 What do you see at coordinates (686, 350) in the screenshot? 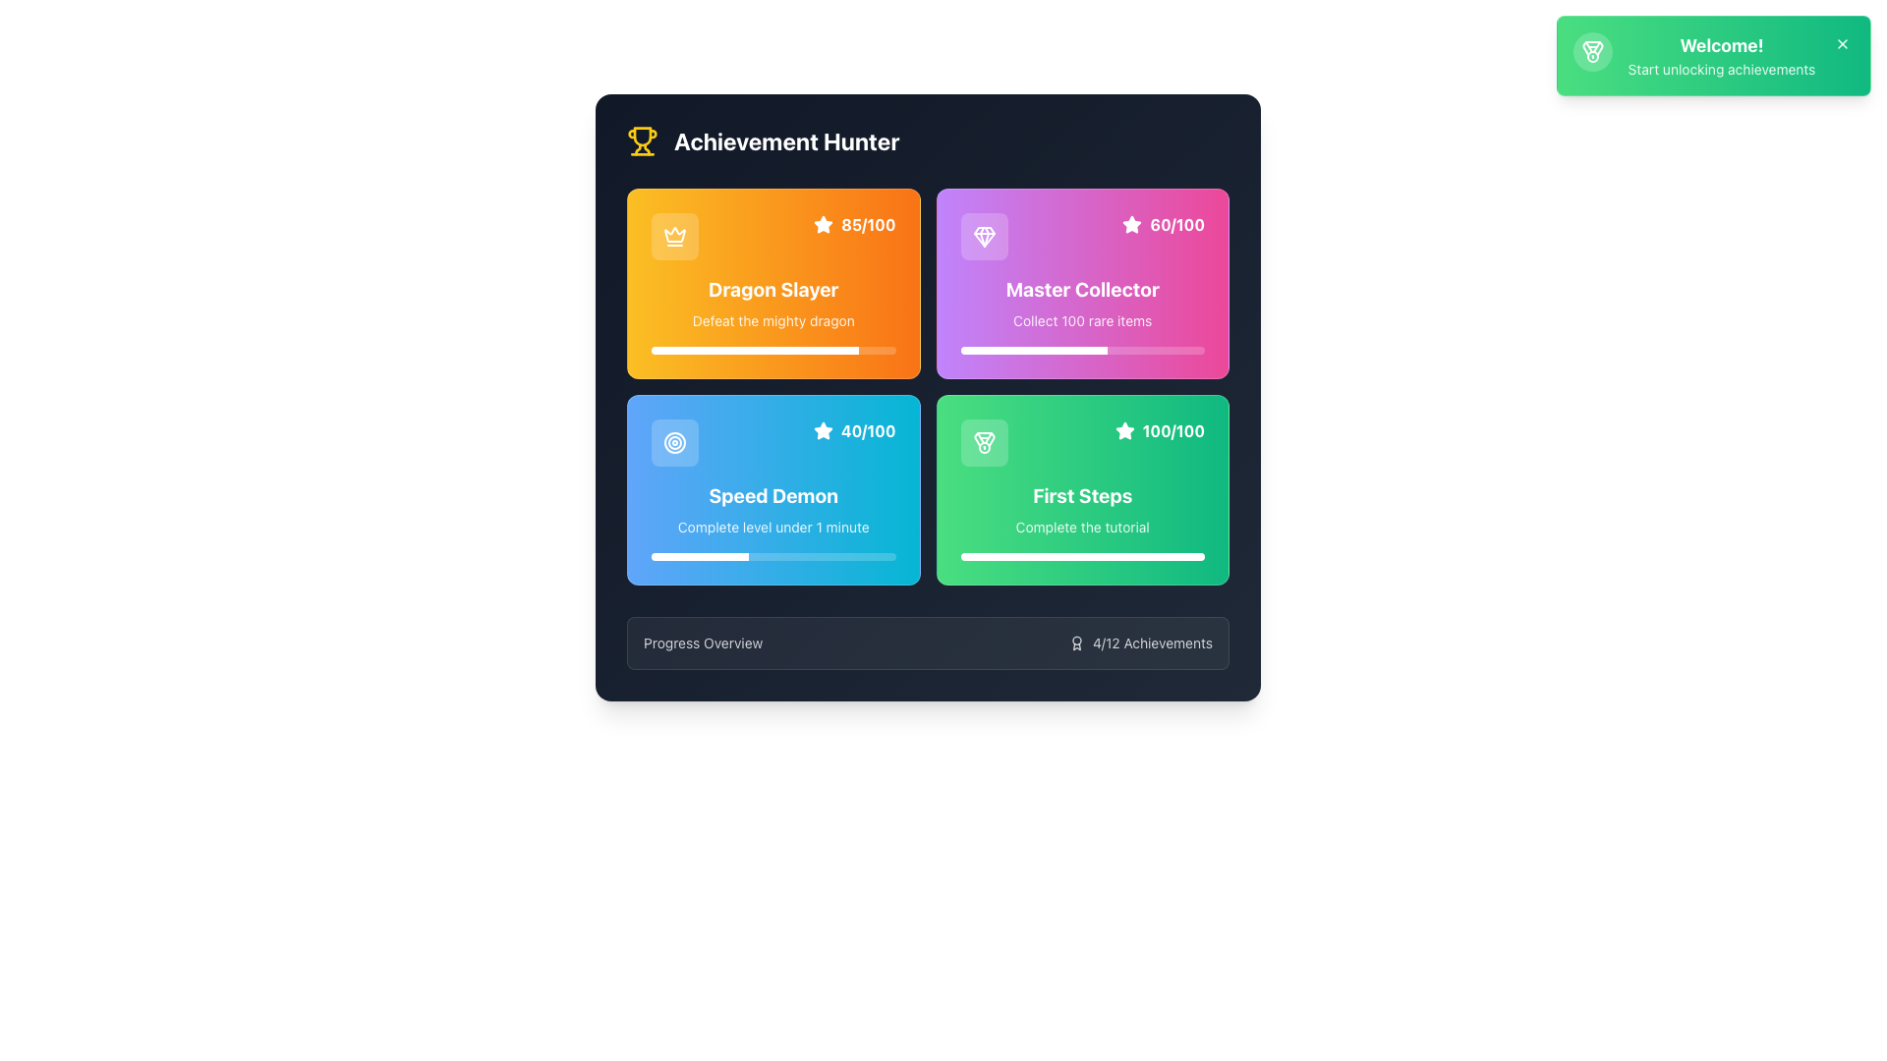
I see `the progress of the 'Dragon Slayer' achievement` at bounding box center [686, 350].